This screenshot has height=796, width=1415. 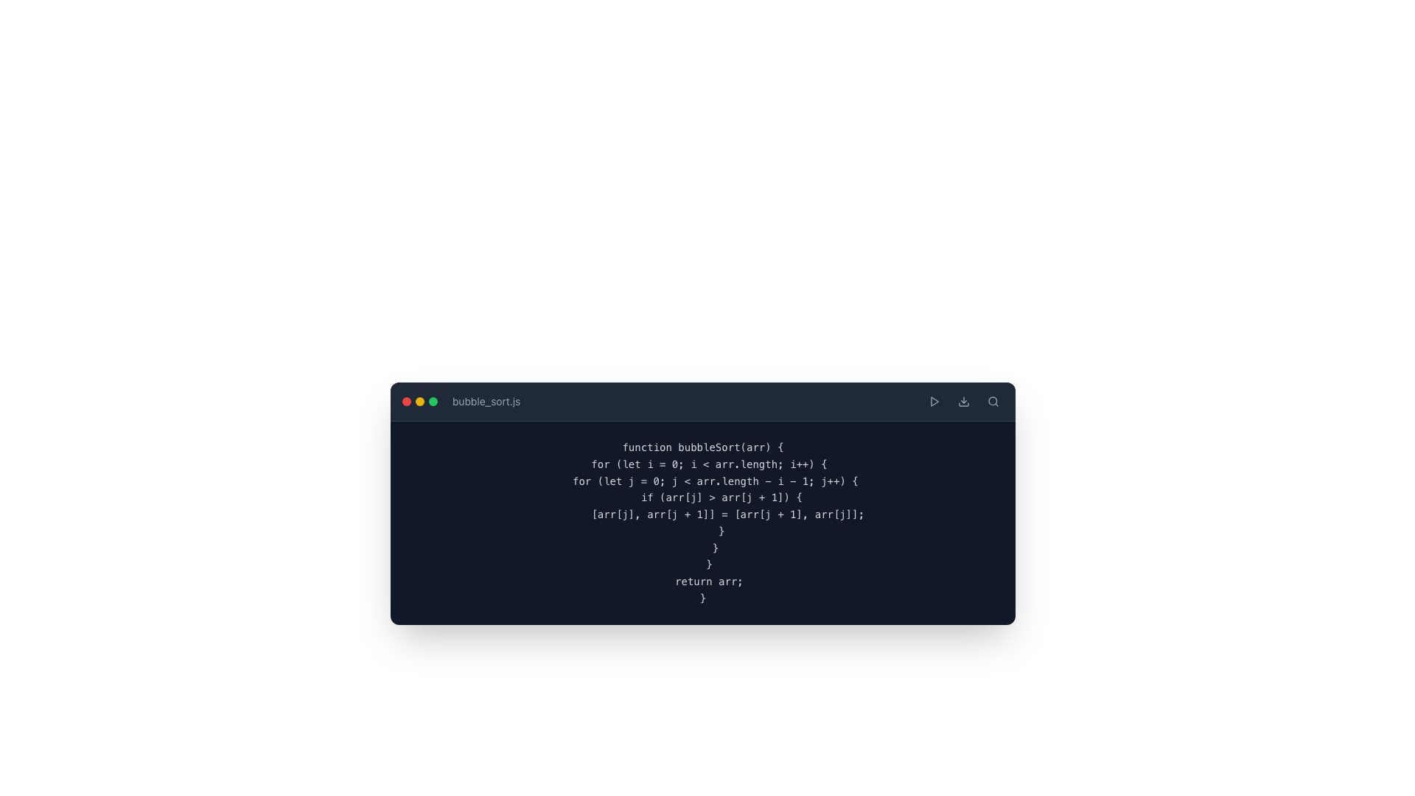 I want to click on the icon button located at the top right corner of the code editor window, so click(x=993, y=401).